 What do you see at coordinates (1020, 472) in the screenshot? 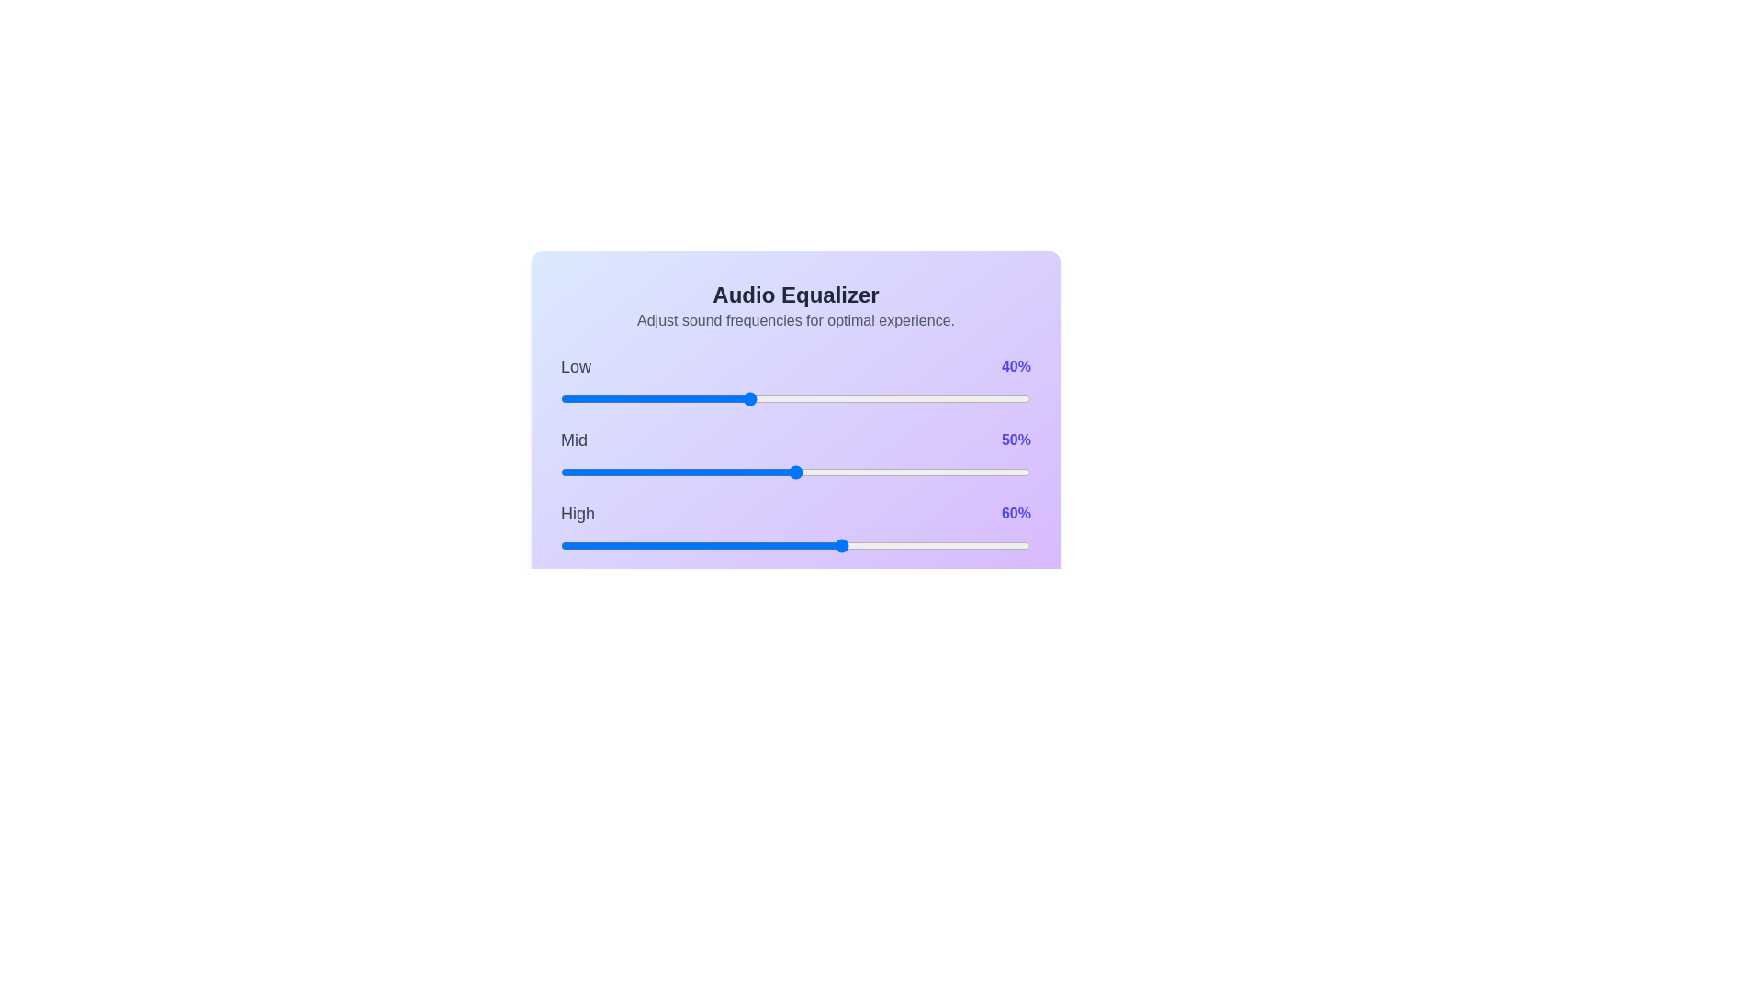
I see `the mid frequency slider to 98%` at bounding box center [1020, 472].